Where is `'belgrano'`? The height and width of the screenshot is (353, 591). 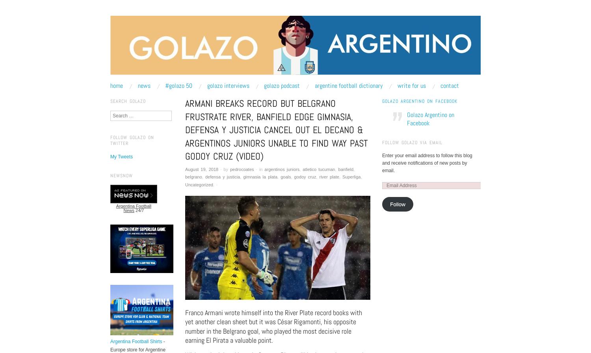
'belgrano' is located at coordinates (184, 176).